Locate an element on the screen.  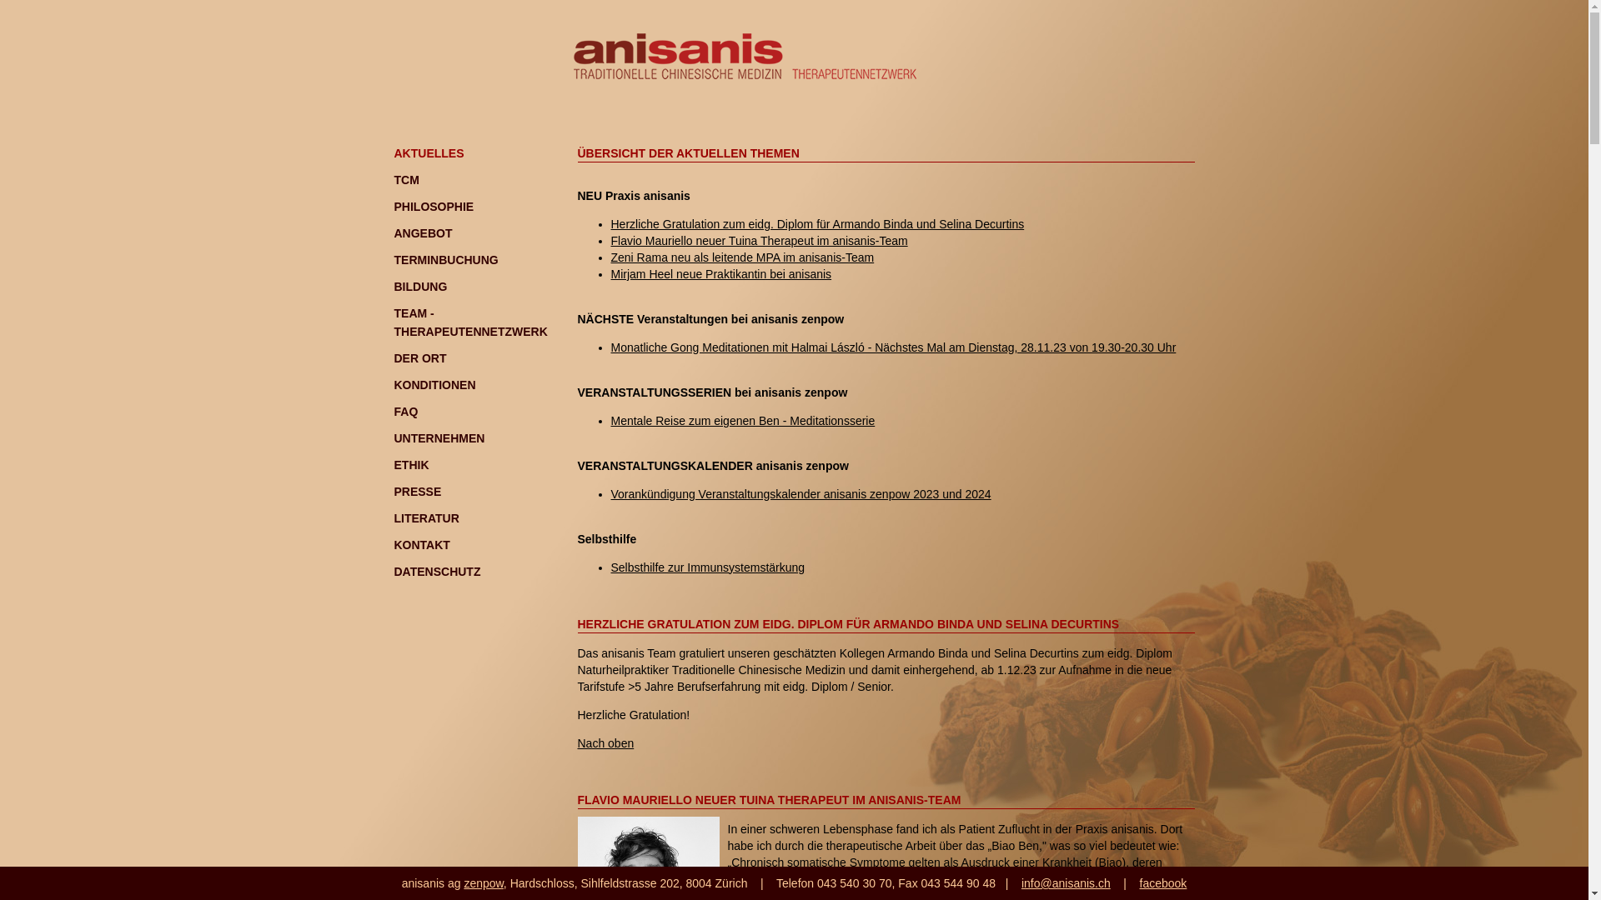
'ETHIK' is located at coordinates (411, 465).